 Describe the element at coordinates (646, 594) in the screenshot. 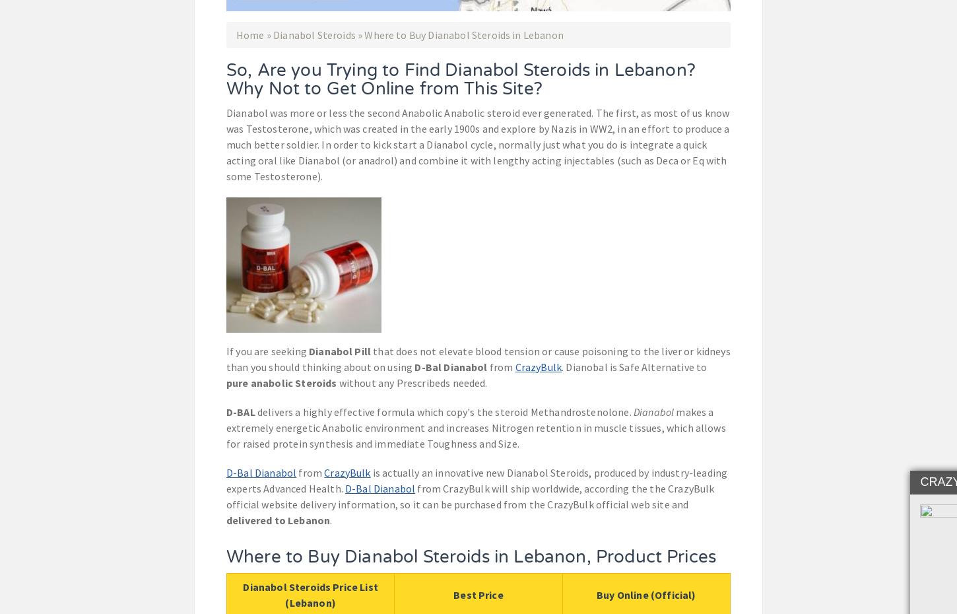

I see `'Buy Online (Official)'` at that location.